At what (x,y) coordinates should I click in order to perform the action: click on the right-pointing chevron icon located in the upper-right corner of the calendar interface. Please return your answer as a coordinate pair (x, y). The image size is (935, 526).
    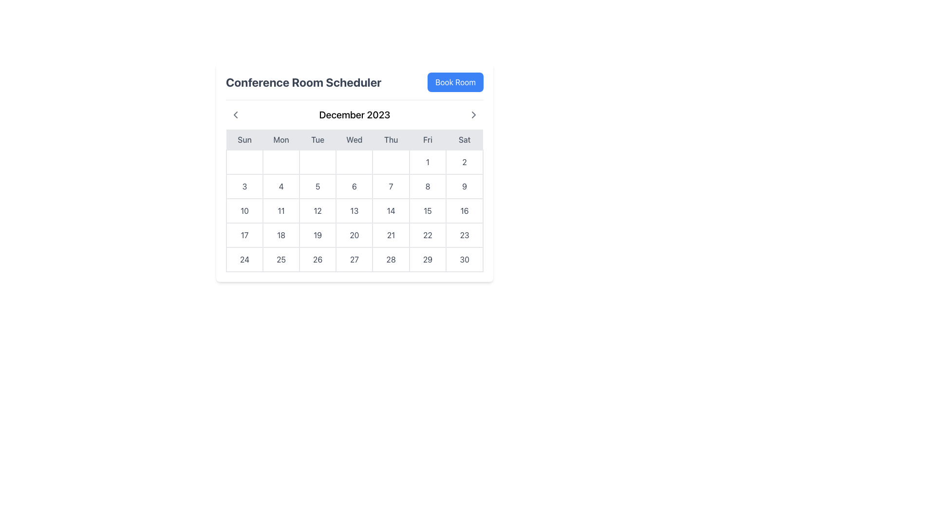
    Looking at the image, I should click on (474, 114).